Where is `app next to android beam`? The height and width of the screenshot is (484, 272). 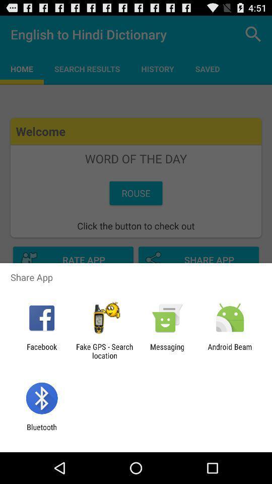 app next to android beam is located at coordinates (167, 351).